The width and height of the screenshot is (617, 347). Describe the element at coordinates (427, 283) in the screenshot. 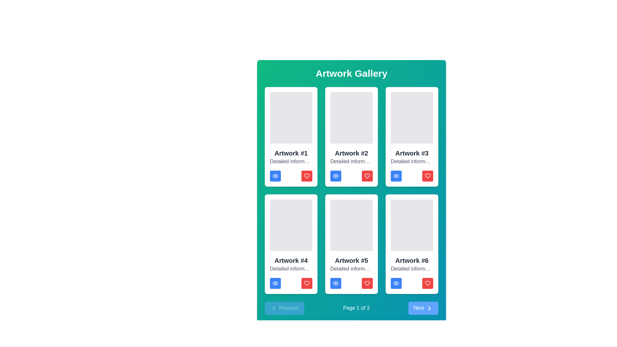

I see `the heart-shaped icon with a red fill located in the bottom-right corner of the card labeled 'Artwork #6' to favorite it` at that location.